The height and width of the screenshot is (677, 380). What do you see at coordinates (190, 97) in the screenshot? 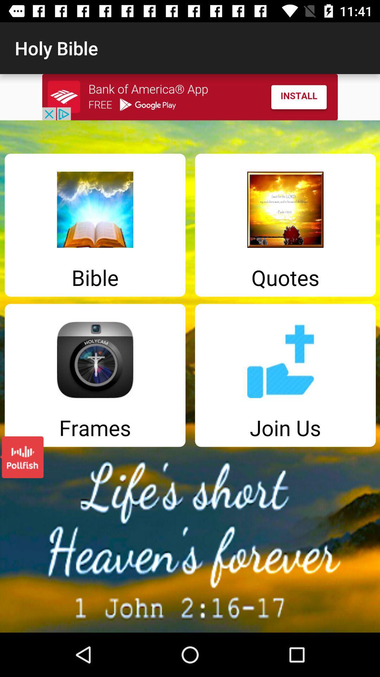
I see `bank advertisement` at bounding box center [190, 97].